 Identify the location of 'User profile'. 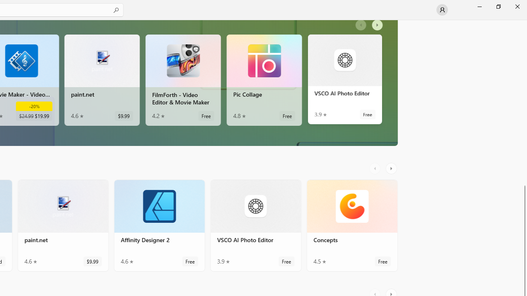
(441, 10).